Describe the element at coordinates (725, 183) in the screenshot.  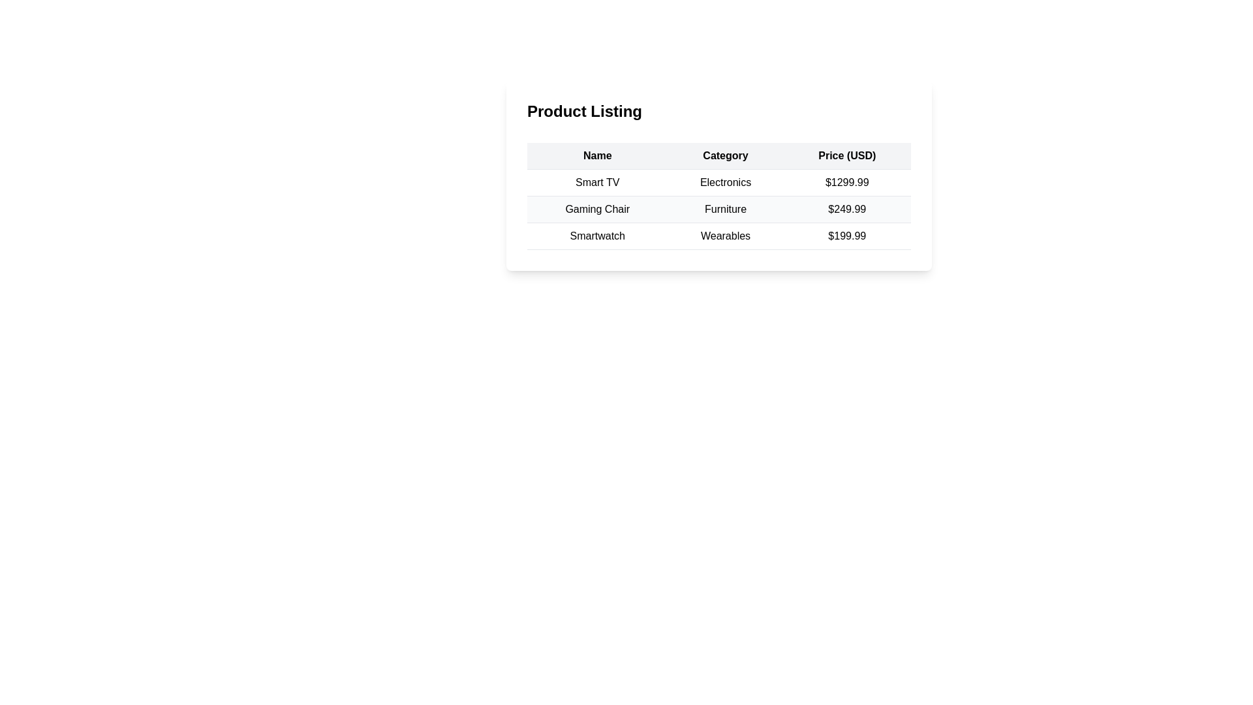
I see `the 'Electronics' text label in the second column of the first row of the table, which is centrally aligned and styled in a bold sans-serif font` at that location.